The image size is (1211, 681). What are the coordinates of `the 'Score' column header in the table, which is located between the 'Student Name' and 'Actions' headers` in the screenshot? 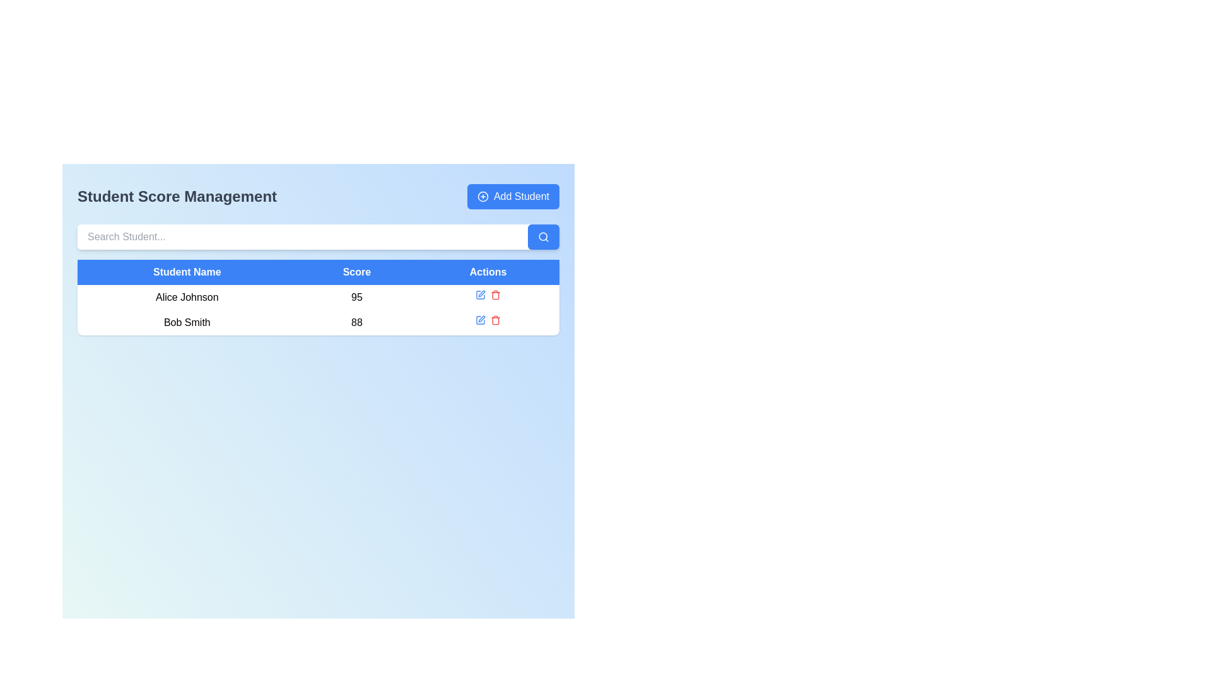 It's located at (356, 272).